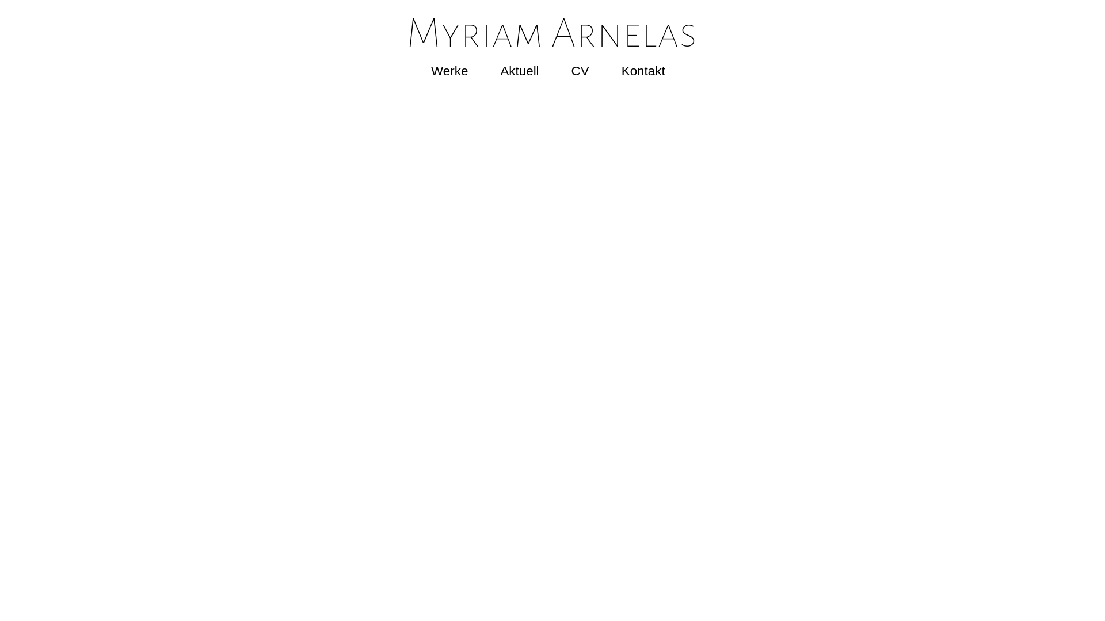 Image resolution: width=1105 pixels, height=621 pixels. I want to click on 'Kontakt', so click(643, 71).